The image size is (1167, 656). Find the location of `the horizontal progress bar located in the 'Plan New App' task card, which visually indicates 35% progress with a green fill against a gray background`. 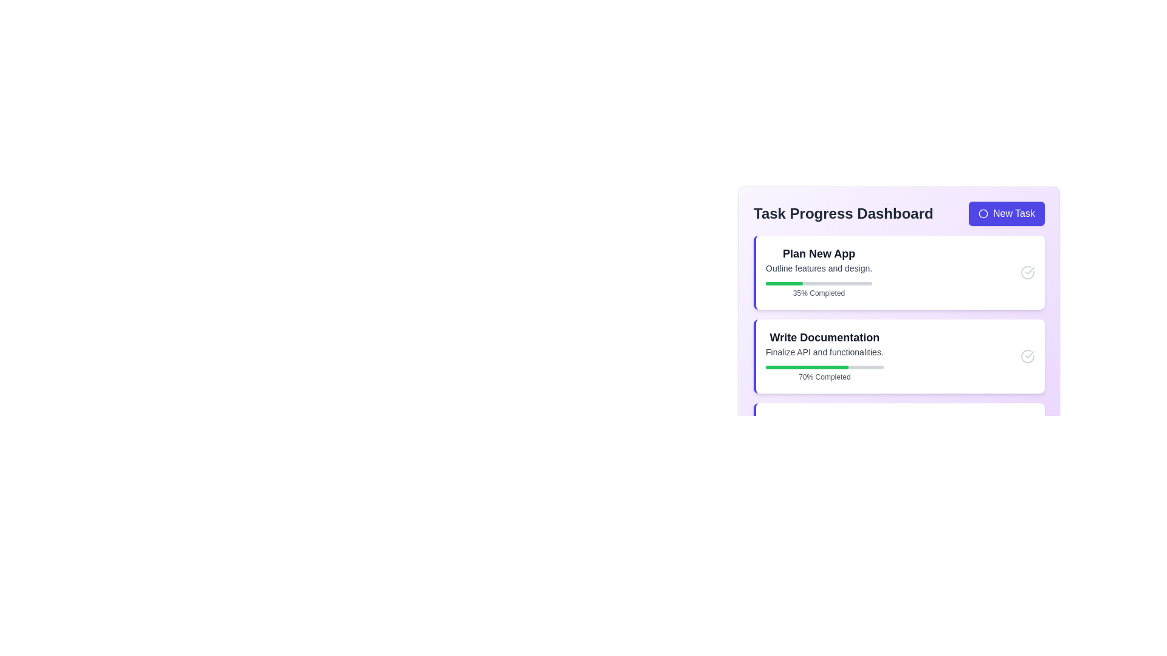

the horizontal progress bar located in the 'Plan New App' task card, which visually indicates 35% progress with a green fill against a gray background is located at coordinates (819, 283).